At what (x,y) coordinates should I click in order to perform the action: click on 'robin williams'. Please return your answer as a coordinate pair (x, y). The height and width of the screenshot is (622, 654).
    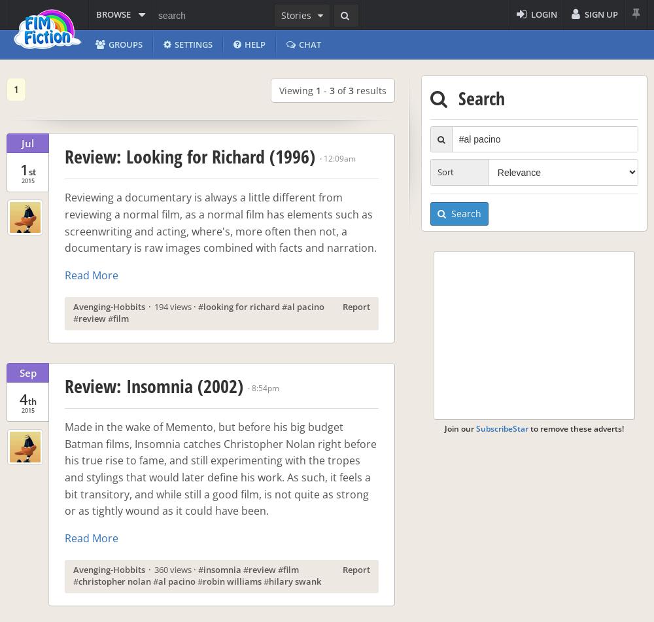
    Looking at the image, I should click on (231, 580).